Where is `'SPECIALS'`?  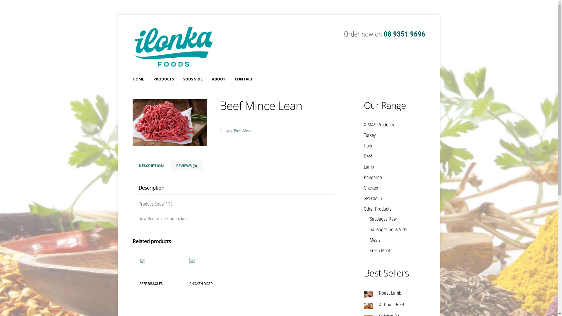 'SPECIALS' is located at coordinates (372, 198).